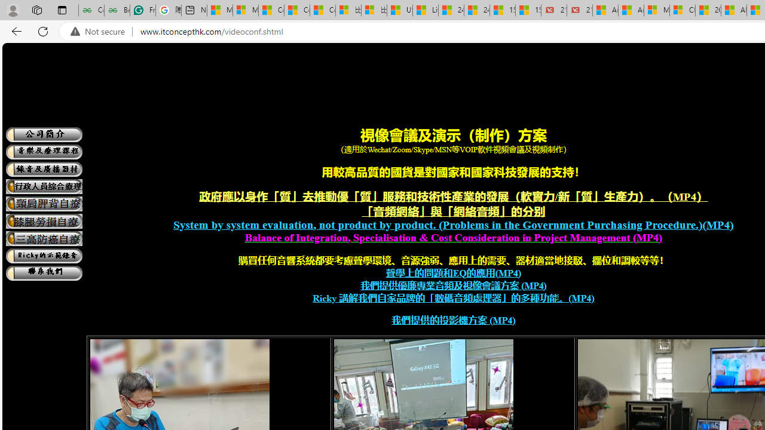 The image size is (765, 430). Describe the element at coordinates (117, 10) in the screenshot. I see `'Best SSL Certificates Provider in India - GeeksforGeeks'` at that location.